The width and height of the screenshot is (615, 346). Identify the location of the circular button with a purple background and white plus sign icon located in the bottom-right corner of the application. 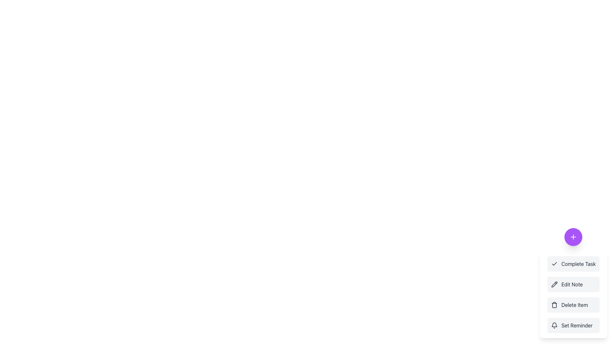
(573, 237).